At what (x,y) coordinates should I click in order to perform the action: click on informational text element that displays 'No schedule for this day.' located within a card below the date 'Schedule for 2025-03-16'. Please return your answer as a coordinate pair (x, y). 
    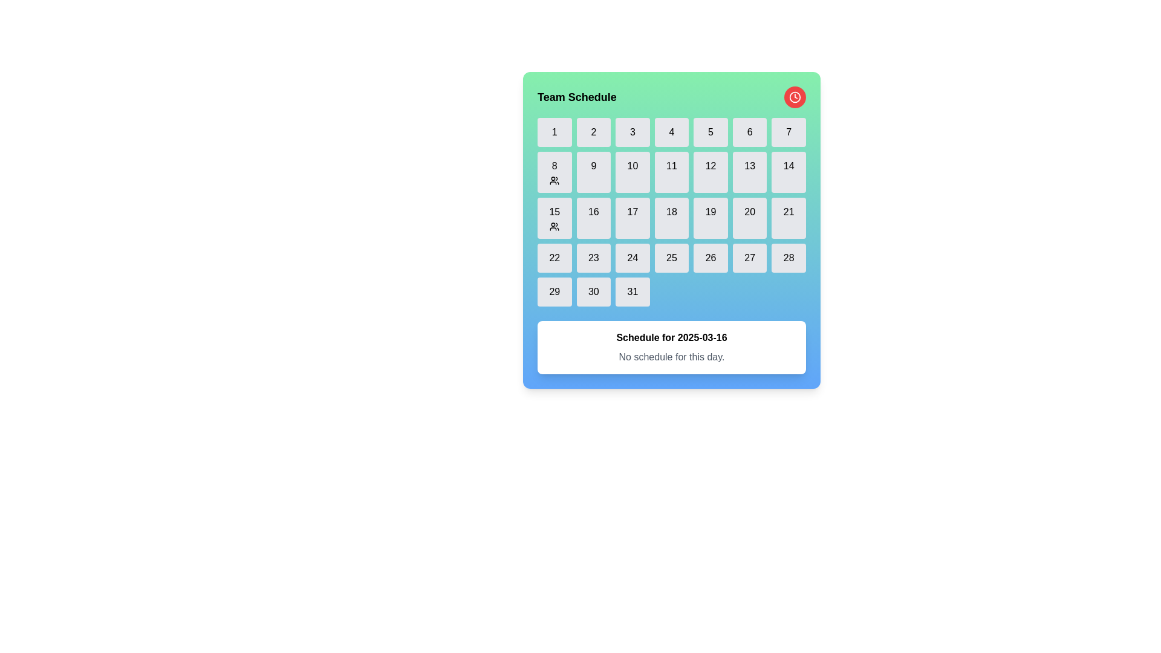
    Looking at the image, I should click on (671, 356).